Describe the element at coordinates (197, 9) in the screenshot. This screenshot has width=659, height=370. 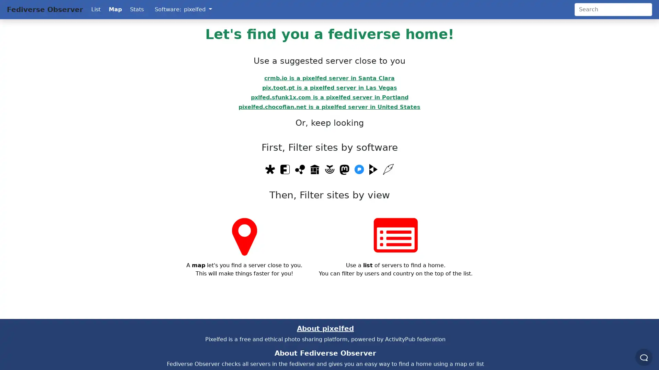
I see `pixelfed` at that location.